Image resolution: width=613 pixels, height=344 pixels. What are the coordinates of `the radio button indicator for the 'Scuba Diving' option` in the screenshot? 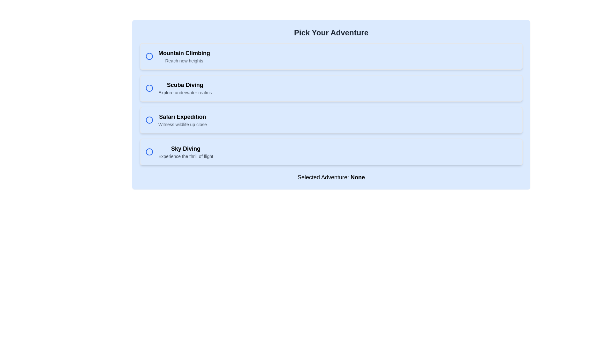 It's located at (149, 88).